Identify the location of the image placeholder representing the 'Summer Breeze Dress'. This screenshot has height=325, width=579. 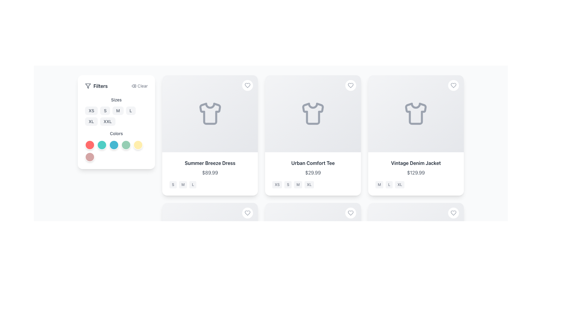
(210, 114).